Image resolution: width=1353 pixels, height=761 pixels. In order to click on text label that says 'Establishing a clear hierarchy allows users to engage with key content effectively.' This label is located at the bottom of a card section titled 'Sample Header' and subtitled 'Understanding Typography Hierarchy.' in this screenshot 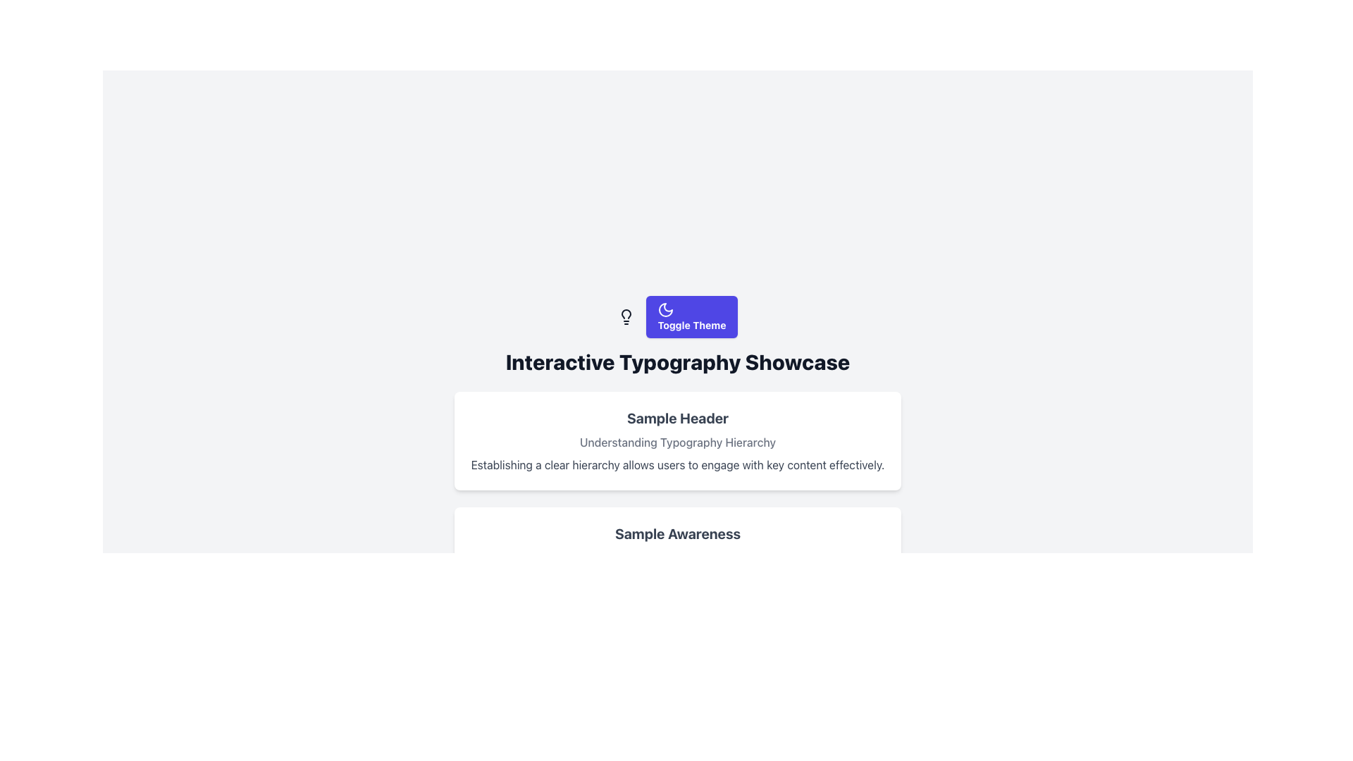, I will do `click(677, 464)`.